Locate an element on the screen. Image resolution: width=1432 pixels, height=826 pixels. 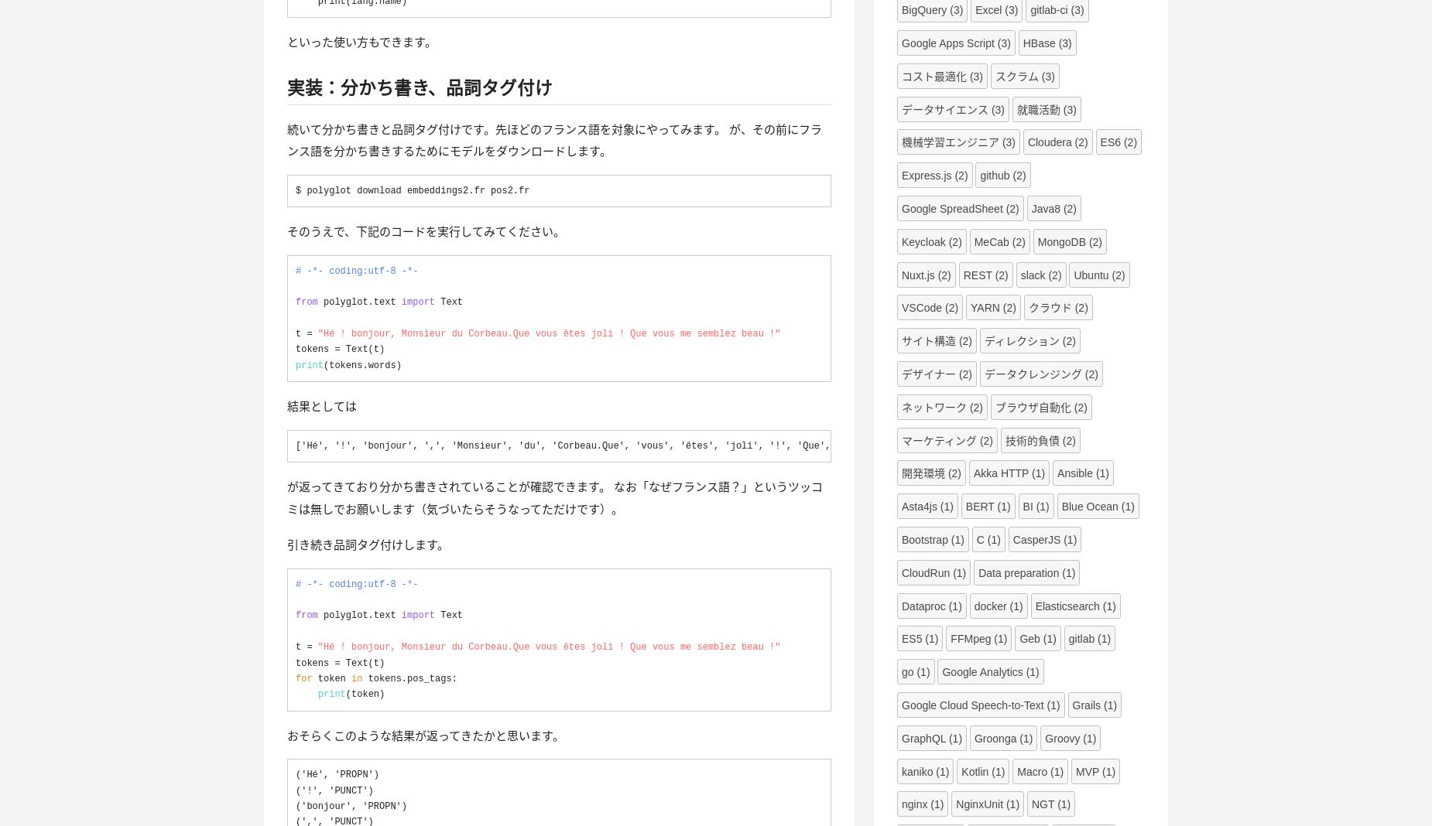
'Asta4js (1)' is located at coordinates (900, 506).